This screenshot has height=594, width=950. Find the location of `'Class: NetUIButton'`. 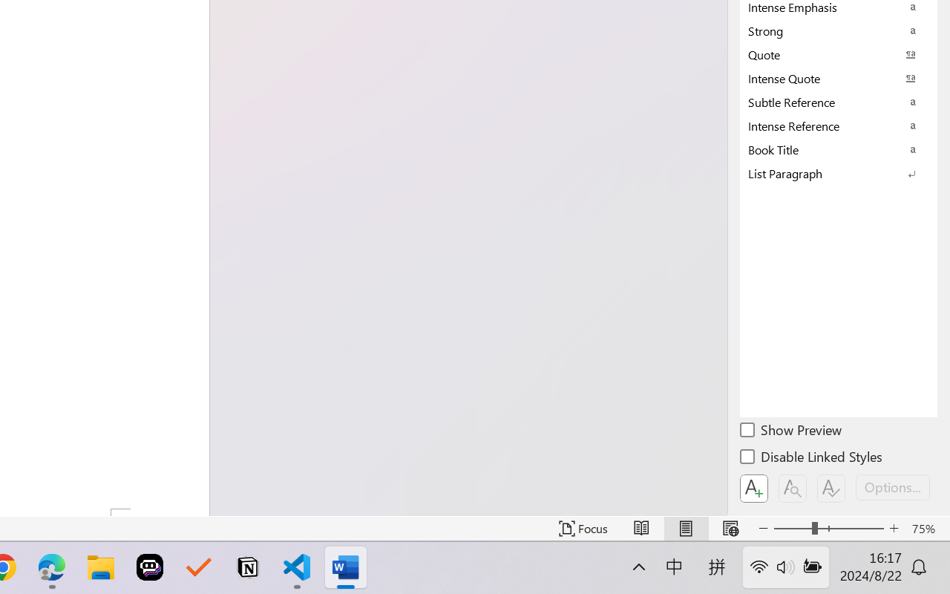

'Class: NetUIButton' is located at coordinates (831, 488).